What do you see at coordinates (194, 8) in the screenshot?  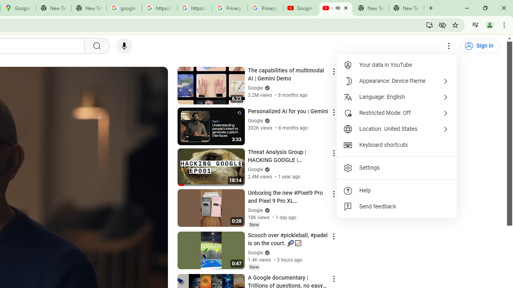 I see `'https://scholar.google.com/'` at bounding box center [194, 8].